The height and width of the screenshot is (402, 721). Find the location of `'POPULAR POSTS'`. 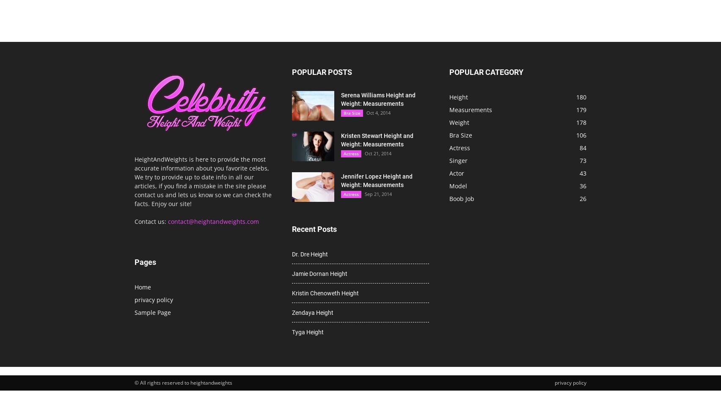

'POPULAR POSTS' is located at coordinates (291, 72).